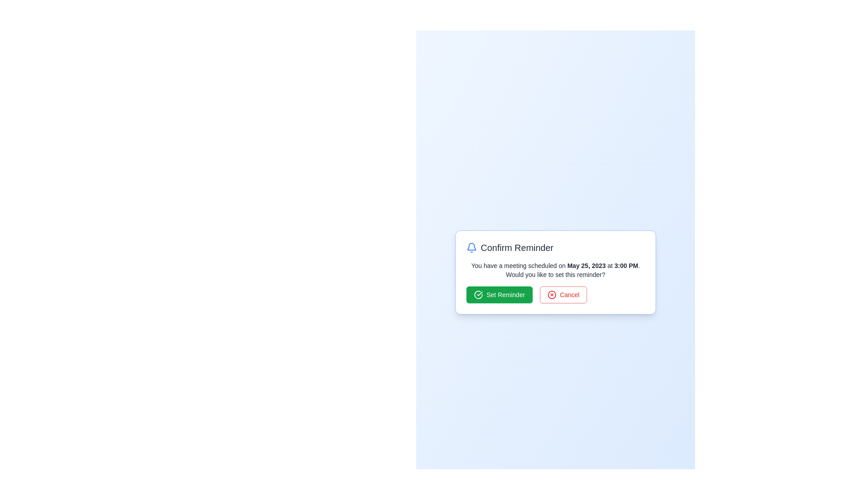 This screenshot has height=484, width=861. Describe the element at coordinates (569, 295) in the screenshot. I see `the 'Cancel' button, which is styled with a bold red font and a red border, located in the bottom-right section of the dialog box` at that location.